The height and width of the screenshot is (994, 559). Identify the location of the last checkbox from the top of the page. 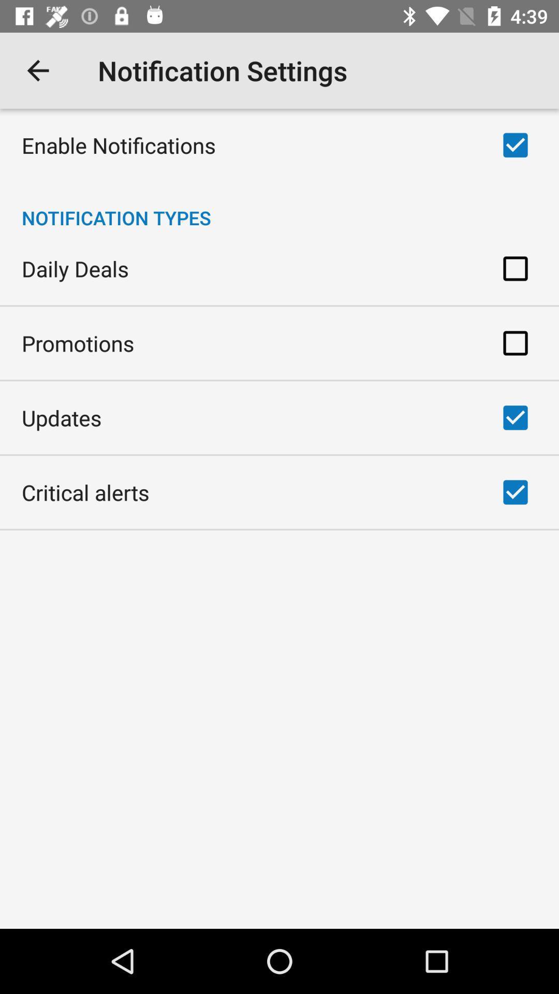
(515, 491).